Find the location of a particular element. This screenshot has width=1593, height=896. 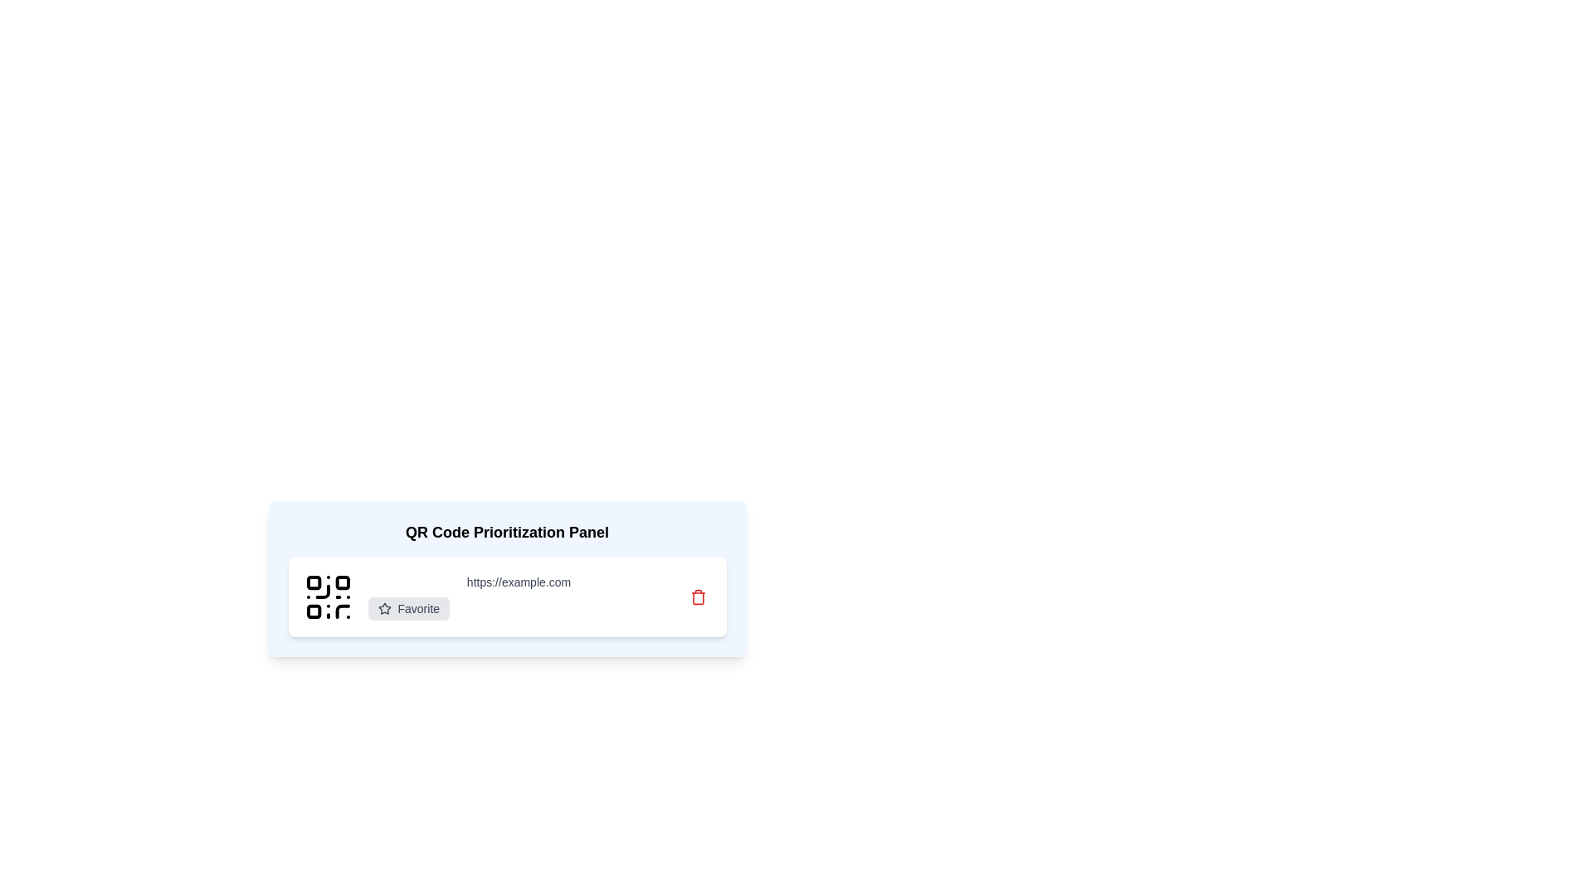

the SVG rectangle element that is part of the QR code located in the top-left corner of the QR code layout is located at coordinates (314, 582).